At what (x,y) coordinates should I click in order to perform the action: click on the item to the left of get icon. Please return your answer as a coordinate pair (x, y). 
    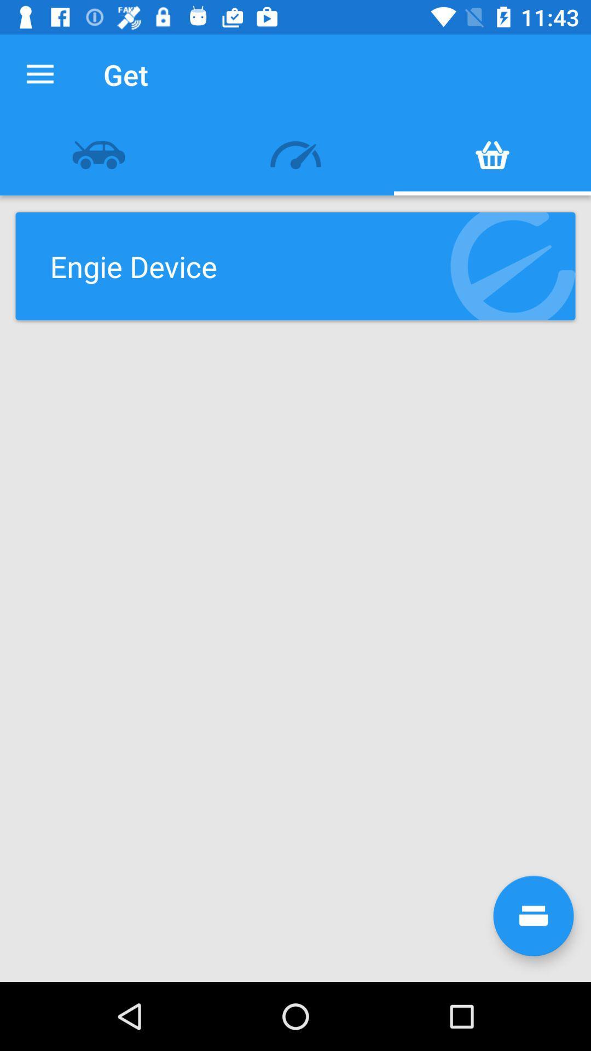
    Looking at the image, I should click on (39, 74).